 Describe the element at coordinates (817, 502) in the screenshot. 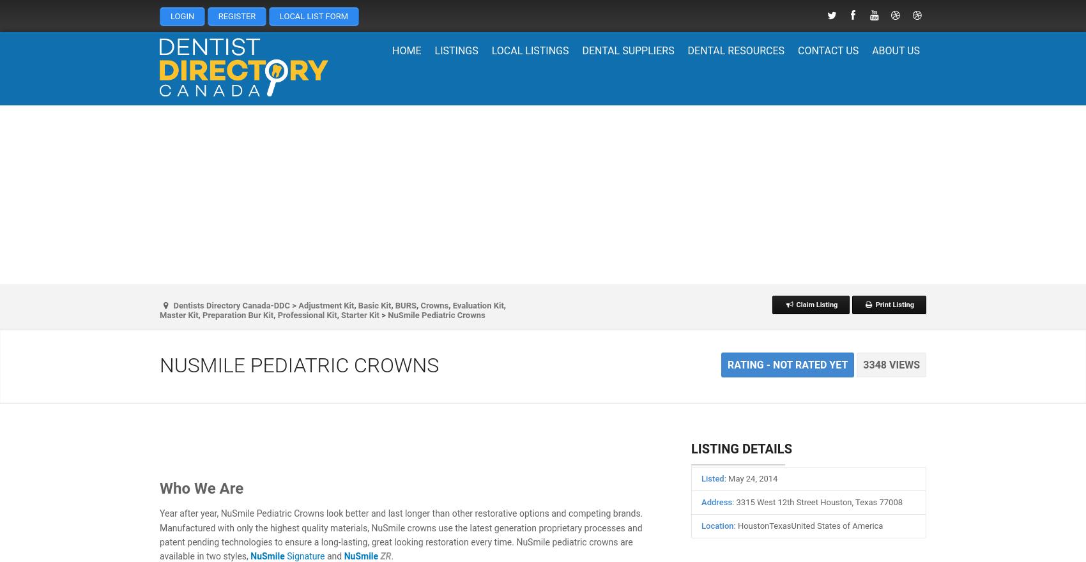

I see `': 3315 West 12th Street Houston, Texas 77008'` at that location.